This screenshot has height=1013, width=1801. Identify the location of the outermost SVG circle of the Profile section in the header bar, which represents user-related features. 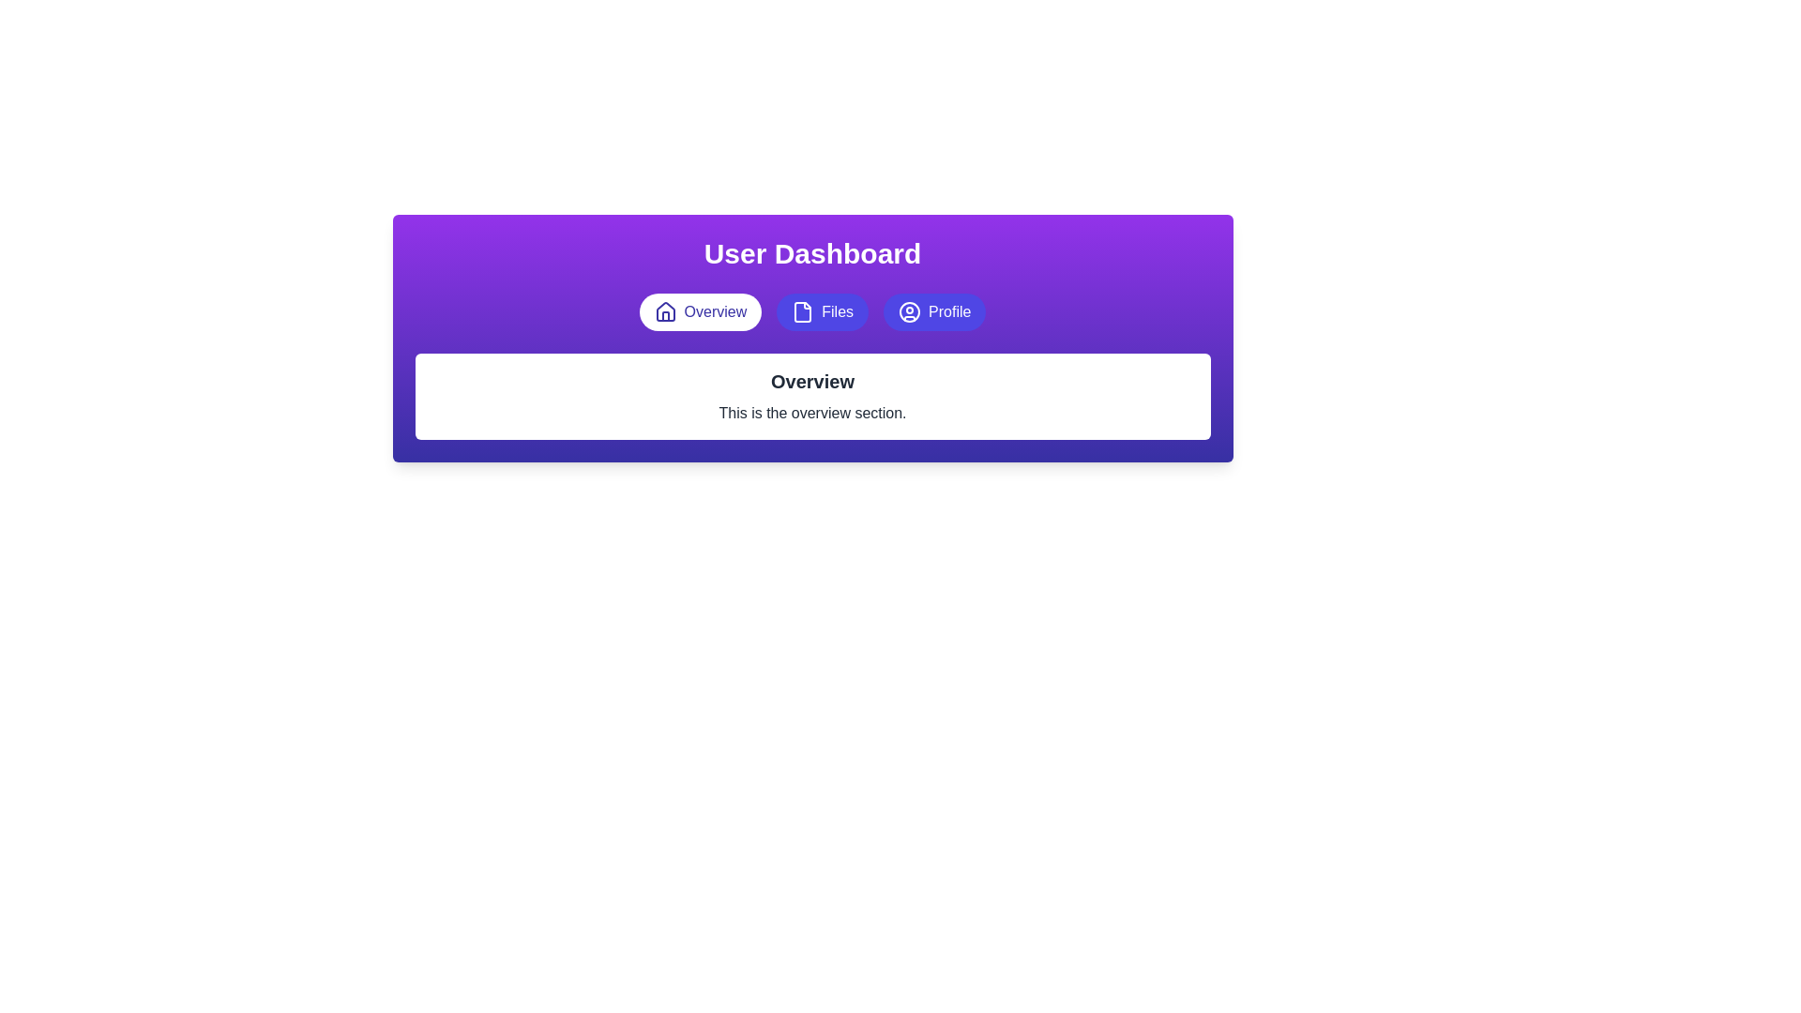
(909, 310).